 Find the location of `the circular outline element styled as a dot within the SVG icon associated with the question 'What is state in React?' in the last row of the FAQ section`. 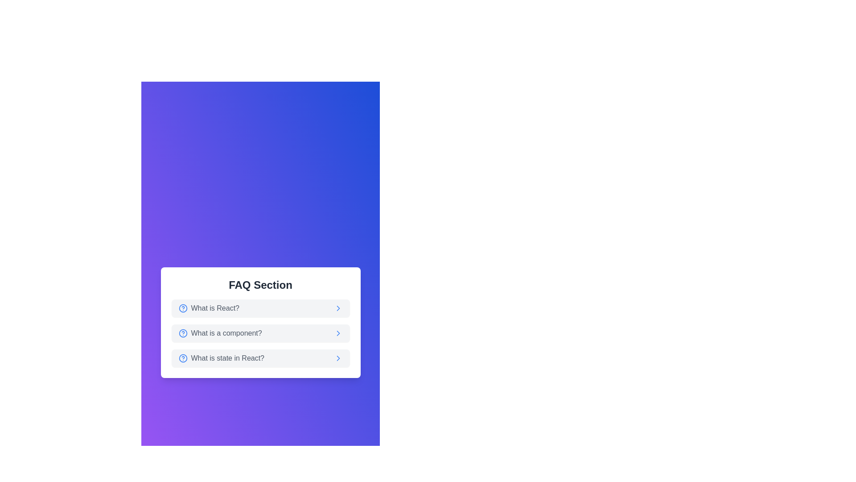

the circular outline element styled as a dot within the SVG icon associated with the question 'What is state in React?' in the last row of the FAQ section is located at coordinates (182, 357).